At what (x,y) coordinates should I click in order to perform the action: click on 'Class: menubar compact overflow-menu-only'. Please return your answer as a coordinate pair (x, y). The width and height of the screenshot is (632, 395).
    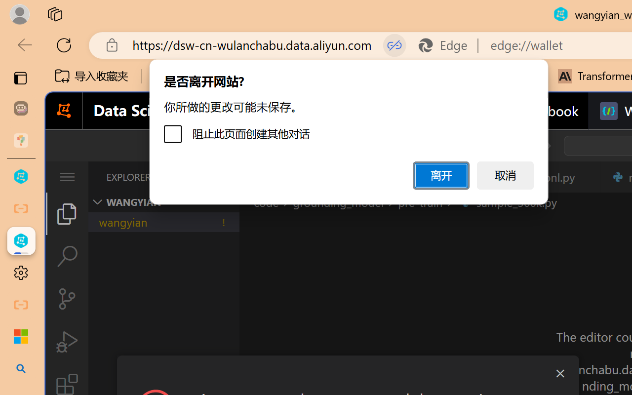
    Looking at the image, I should click on (66, 177).